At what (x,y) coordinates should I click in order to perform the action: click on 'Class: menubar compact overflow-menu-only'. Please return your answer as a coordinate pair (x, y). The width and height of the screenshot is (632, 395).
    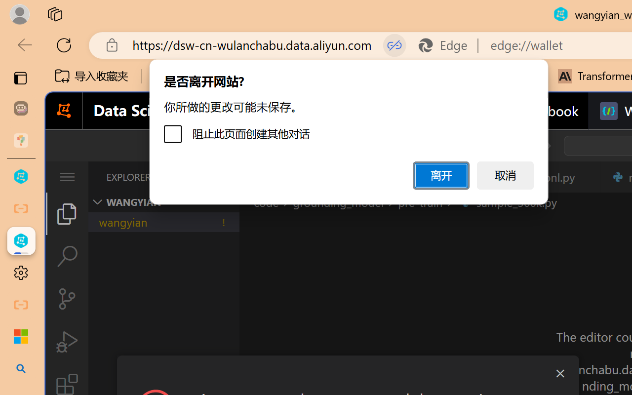
    Looking at the image, I should click on (66, 177).